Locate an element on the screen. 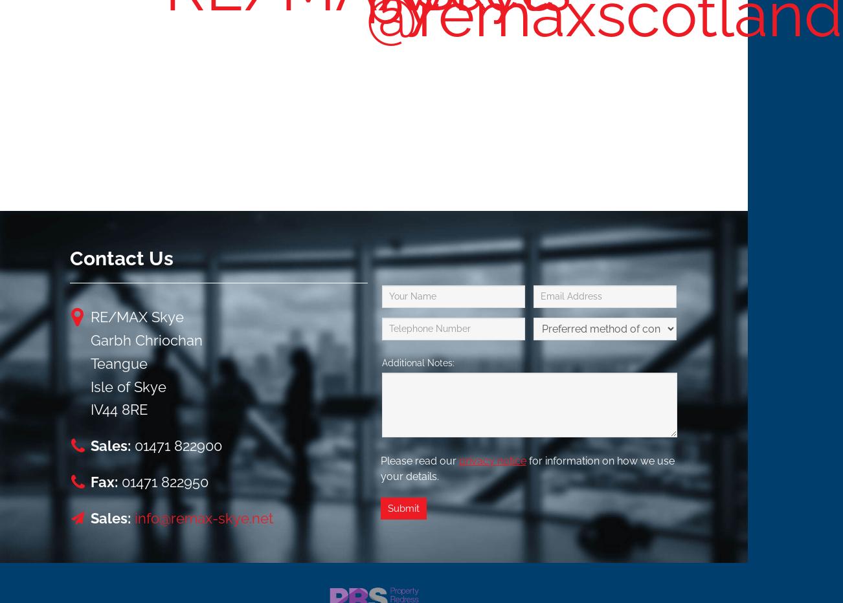 The image size is (843, 603). 'Please read our' is located at coordinates (419, 459).